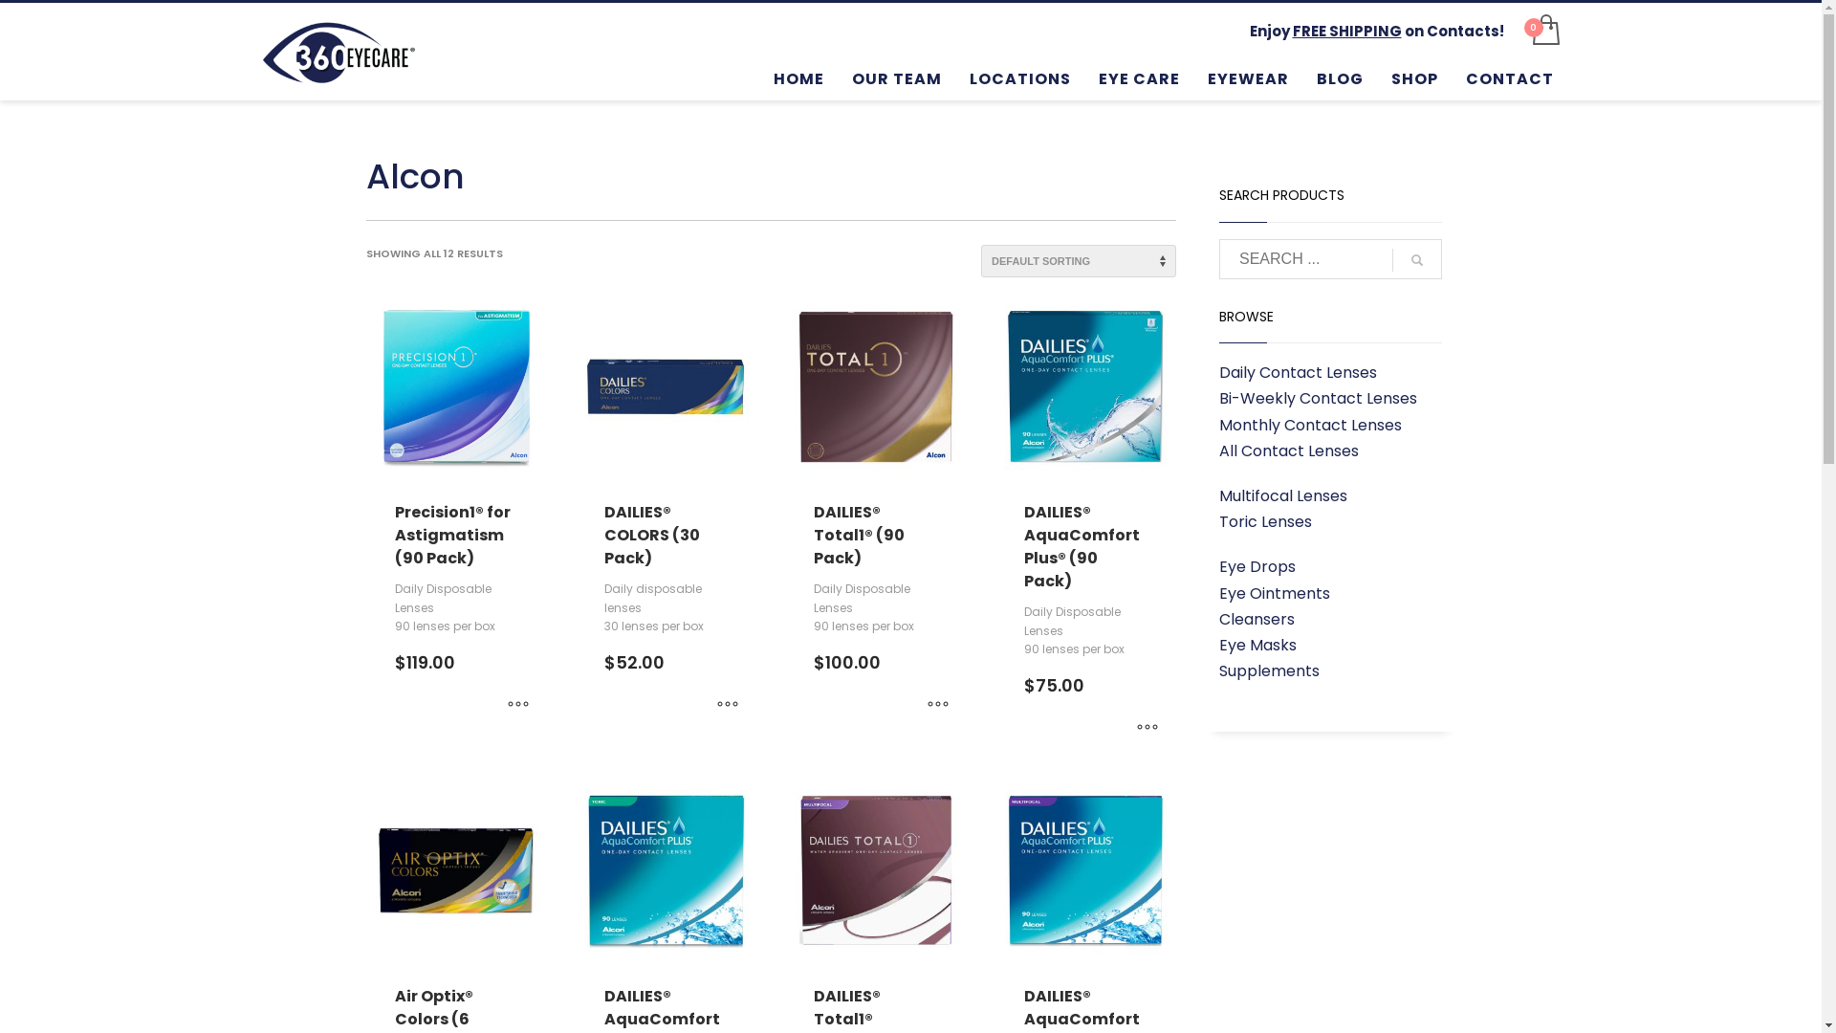  Describe the element at coordinates (1298, 372) in the screenshot. I see `'Daily Contact Lenses'` at that location.